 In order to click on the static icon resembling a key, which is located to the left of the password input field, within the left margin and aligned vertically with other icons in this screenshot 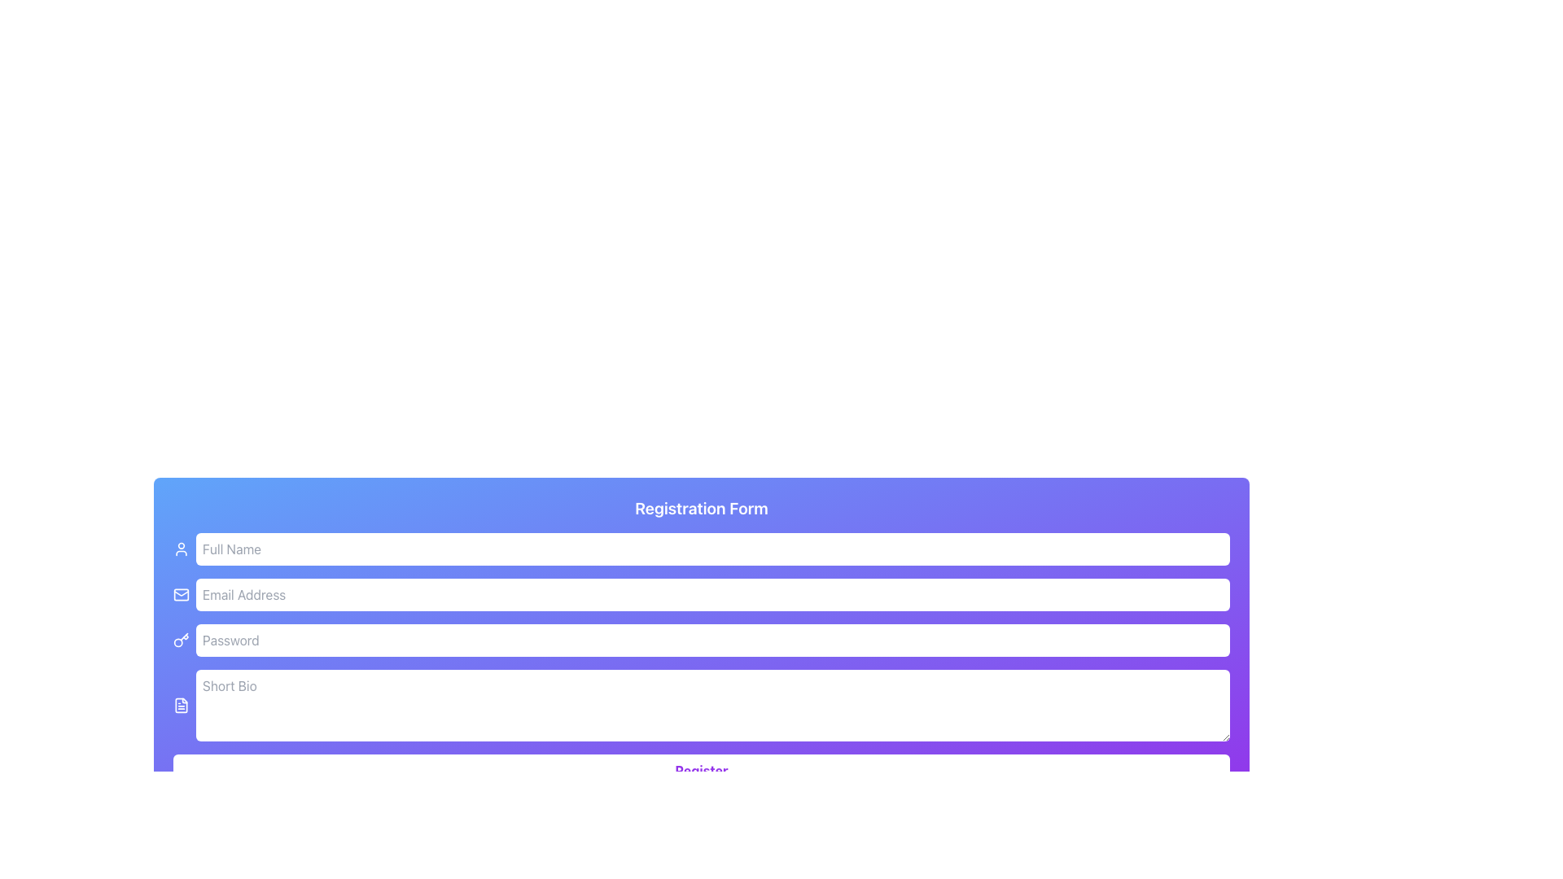, I will do `click(181, 639)`.